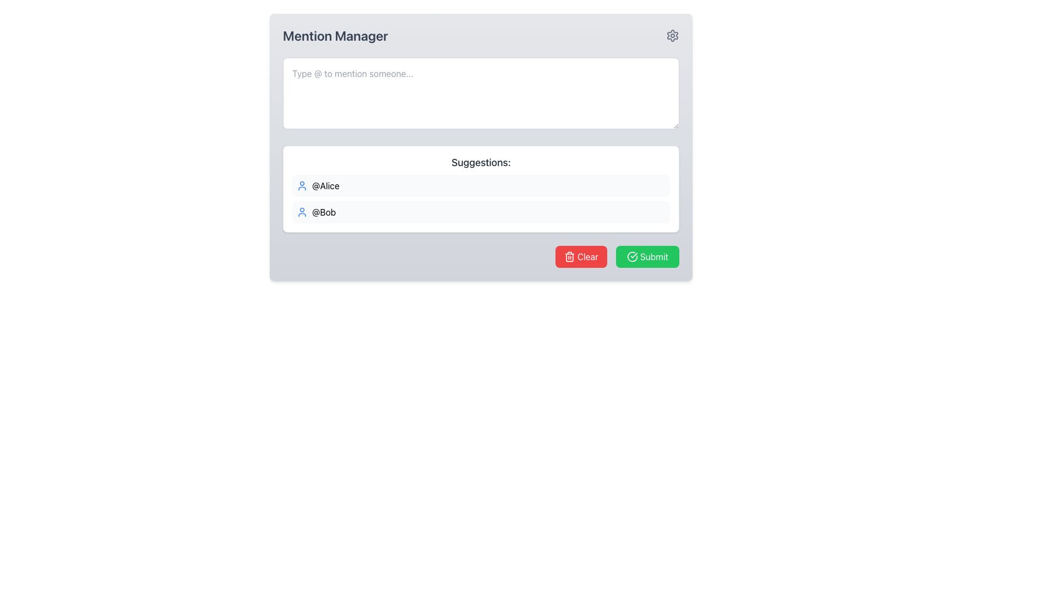  What do you see at coordinates (632, 256) in the screenshot?
I see `the circular confirmation icon with a green check mark, located at the leftmost part of the green 'Submit' button` at bounding box center [632, 256].